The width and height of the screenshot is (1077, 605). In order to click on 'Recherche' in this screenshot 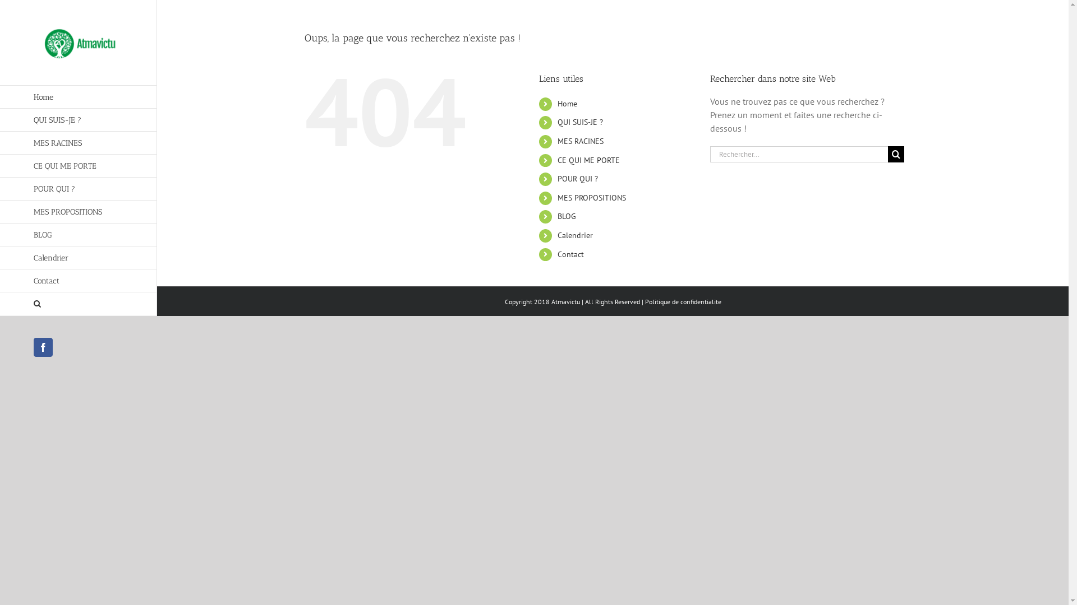, I will do `click(77, 304)`.